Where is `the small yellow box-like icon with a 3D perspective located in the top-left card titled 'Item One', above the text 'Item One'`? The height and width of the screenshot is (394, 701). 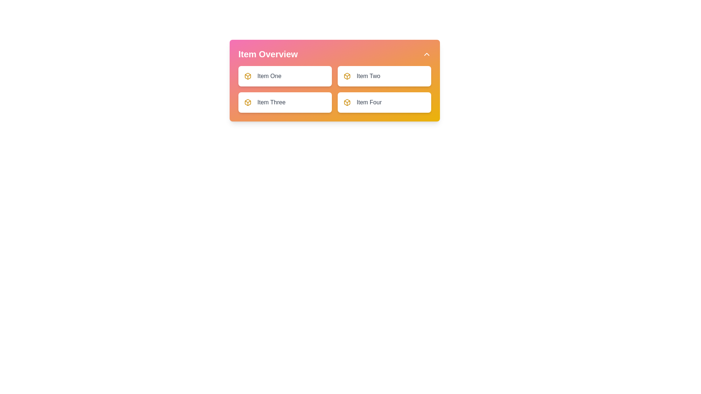 the small yellow box-like icon with a 3D perspective located in the top-left card titled 'Item One', above the text 'Item One' is located at coordinates (248, 76).